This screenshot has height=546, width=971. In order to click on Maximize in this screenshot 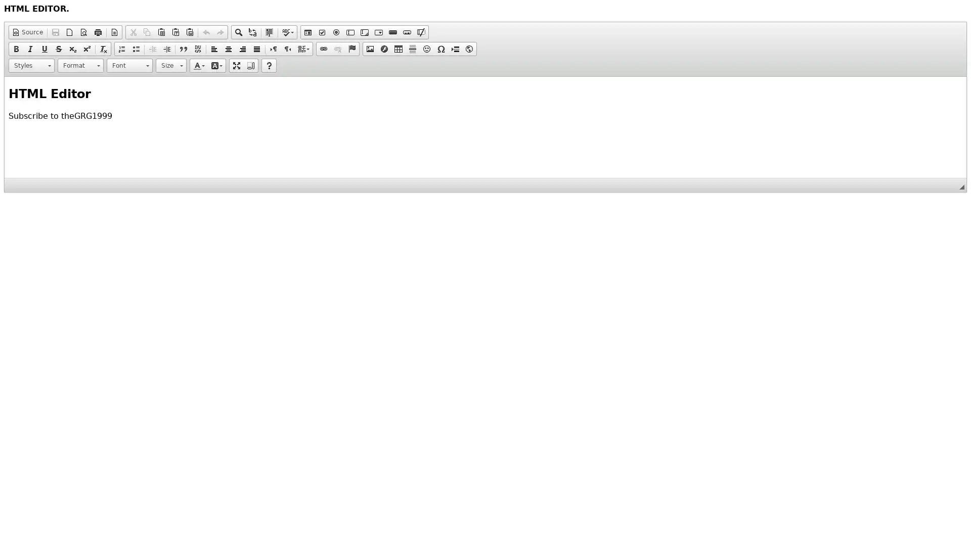, I will do `click(236, 66)`.